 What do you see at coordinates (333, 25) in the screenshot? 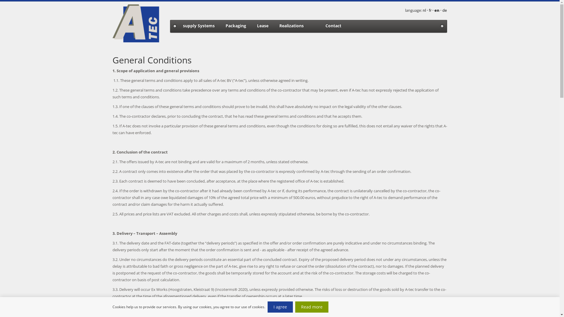
I see `'Contact'` at bounding box center [333, 25].